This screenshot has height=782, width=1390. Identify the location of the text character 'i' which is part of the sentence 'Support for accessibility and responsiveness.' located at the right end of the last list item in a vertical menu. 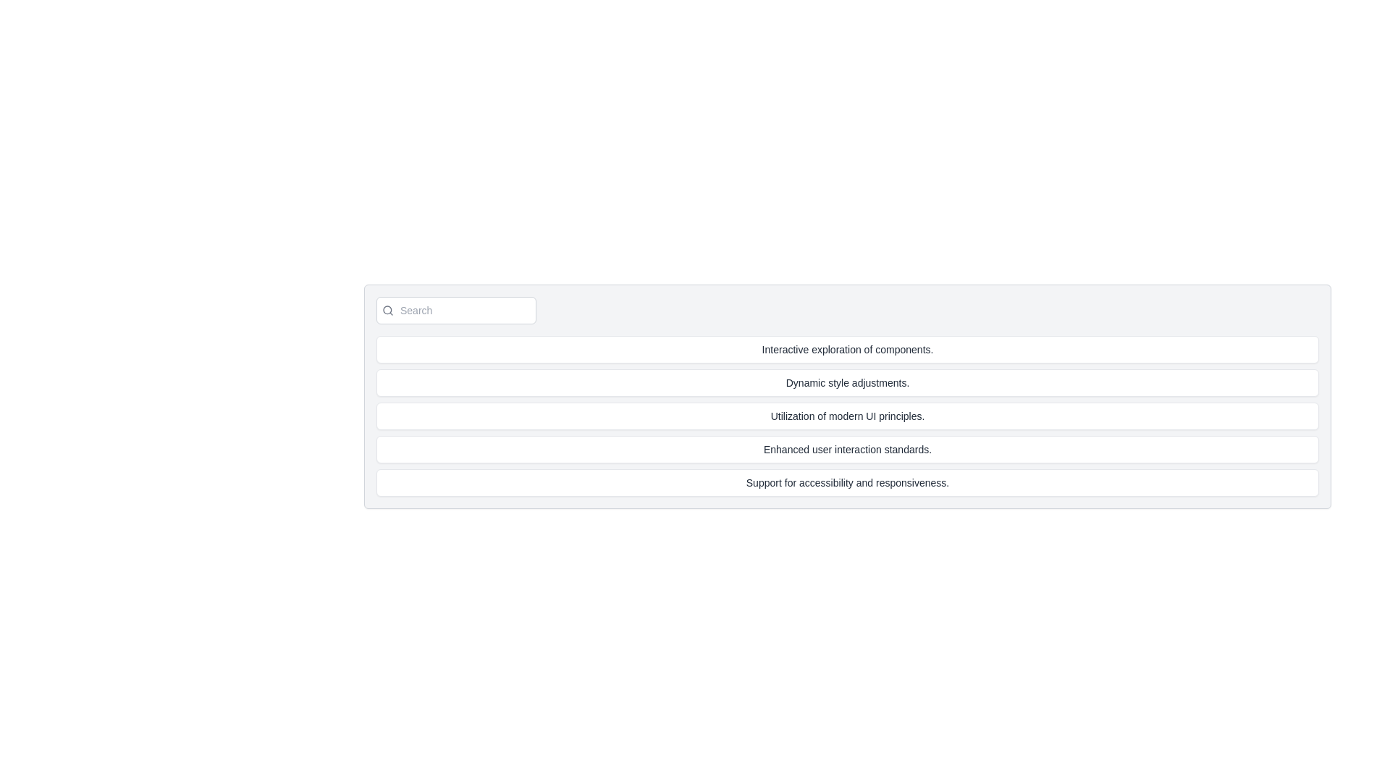
(912, 483).